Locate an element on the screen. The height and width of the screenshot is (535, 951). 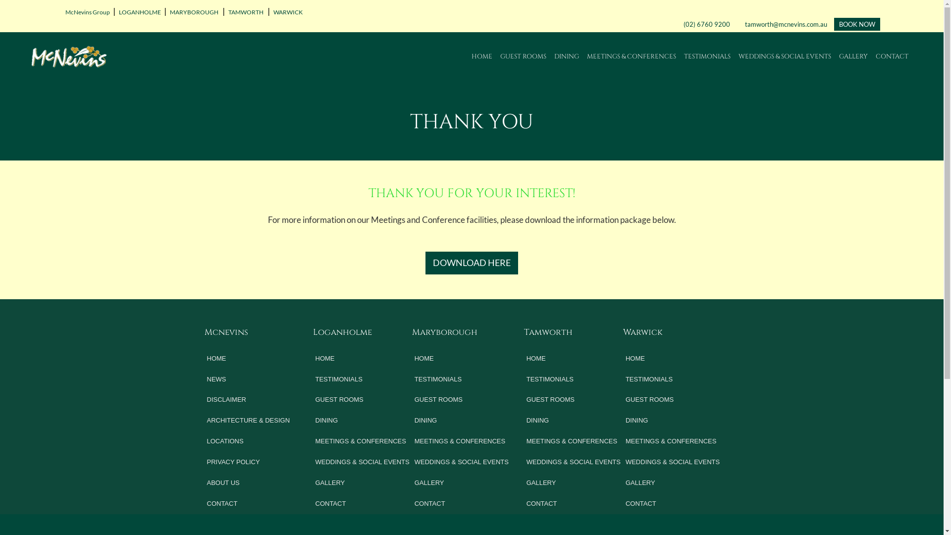
'(02) 6760 9200' is located at coordinates (706, 24).